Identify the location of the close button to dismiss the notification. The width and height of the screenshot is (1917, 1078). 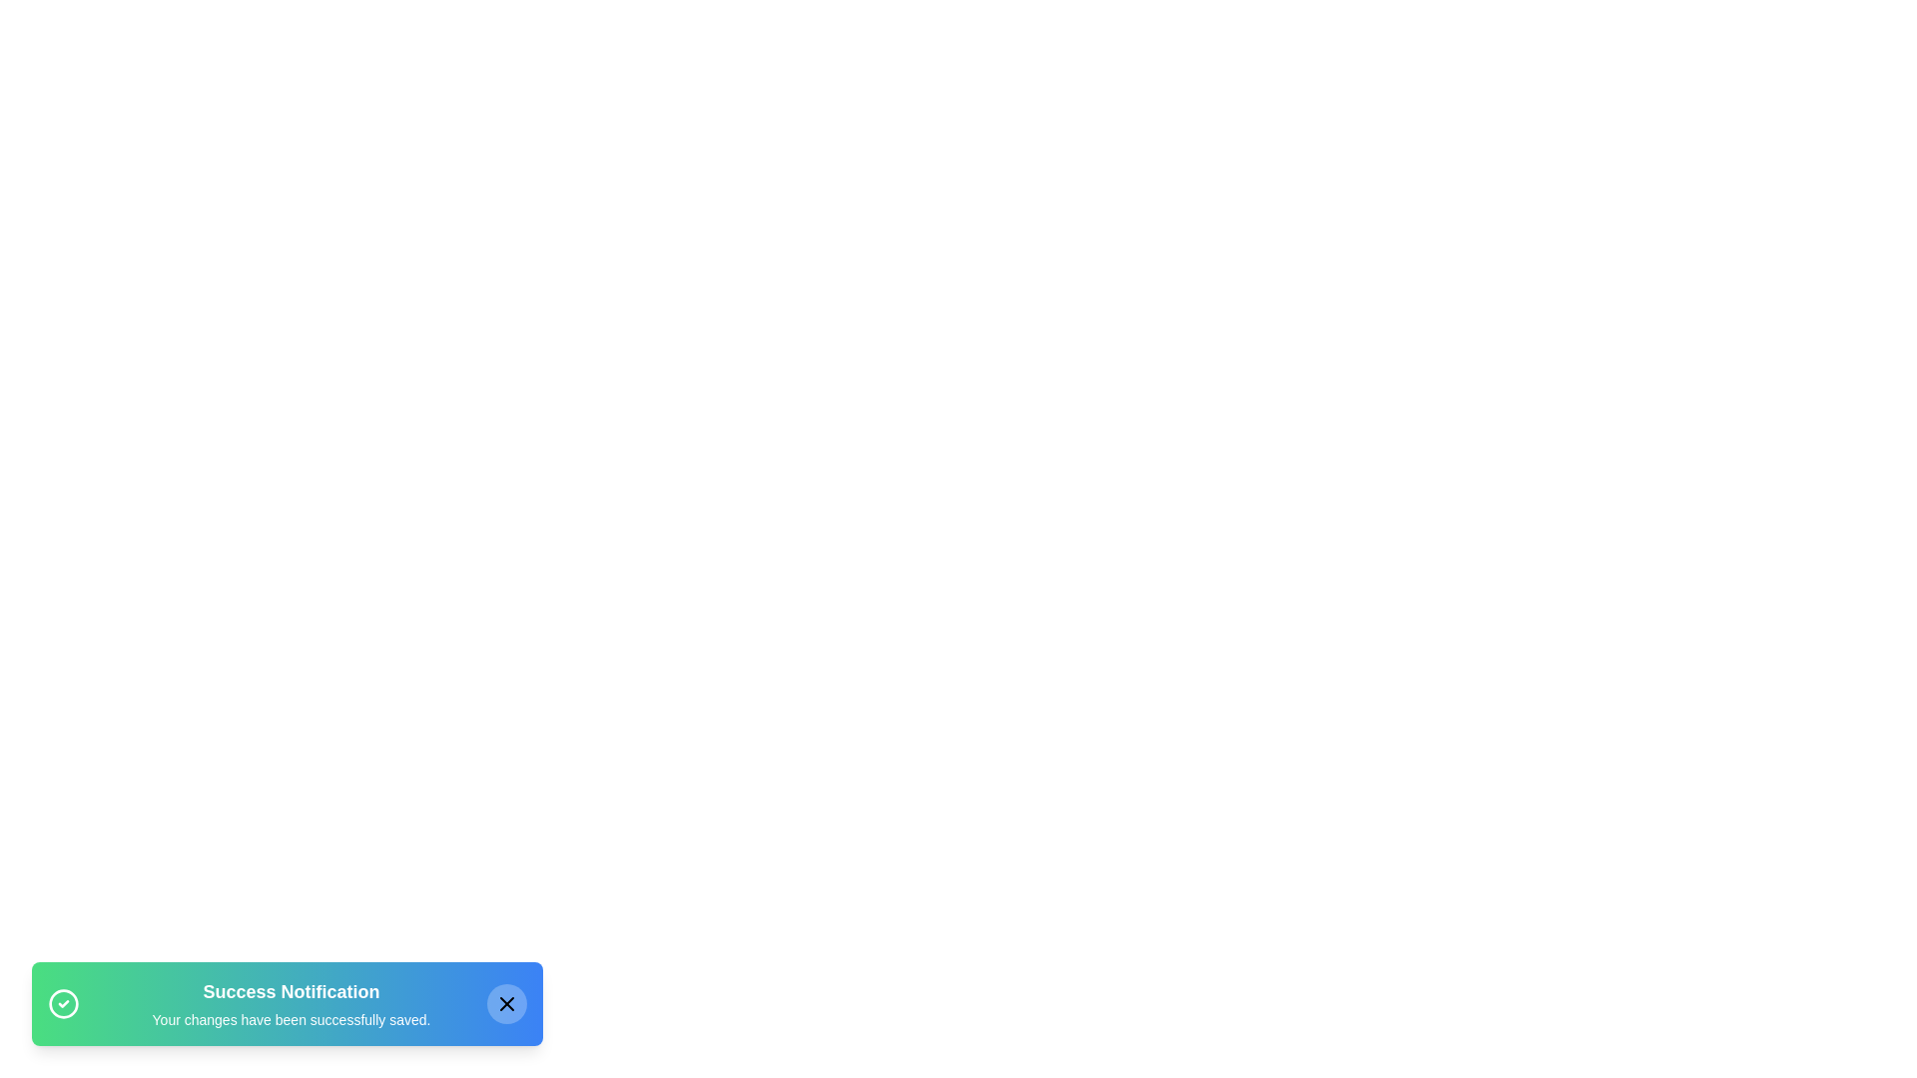
(507, 1004).